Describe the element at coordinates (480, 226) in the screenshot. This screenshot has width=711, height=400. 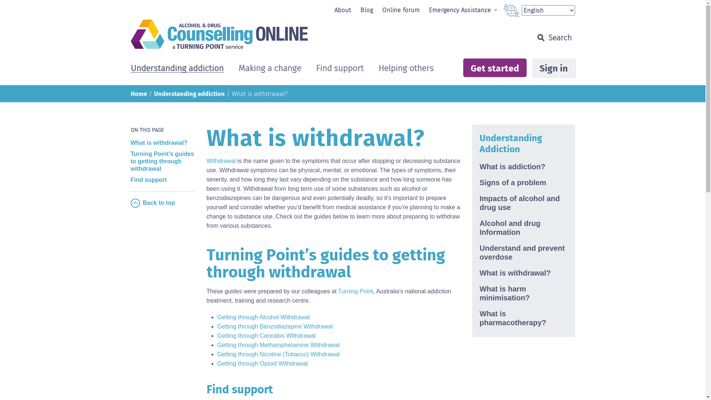
I see `'Alcohol and drug Information'` at that location.